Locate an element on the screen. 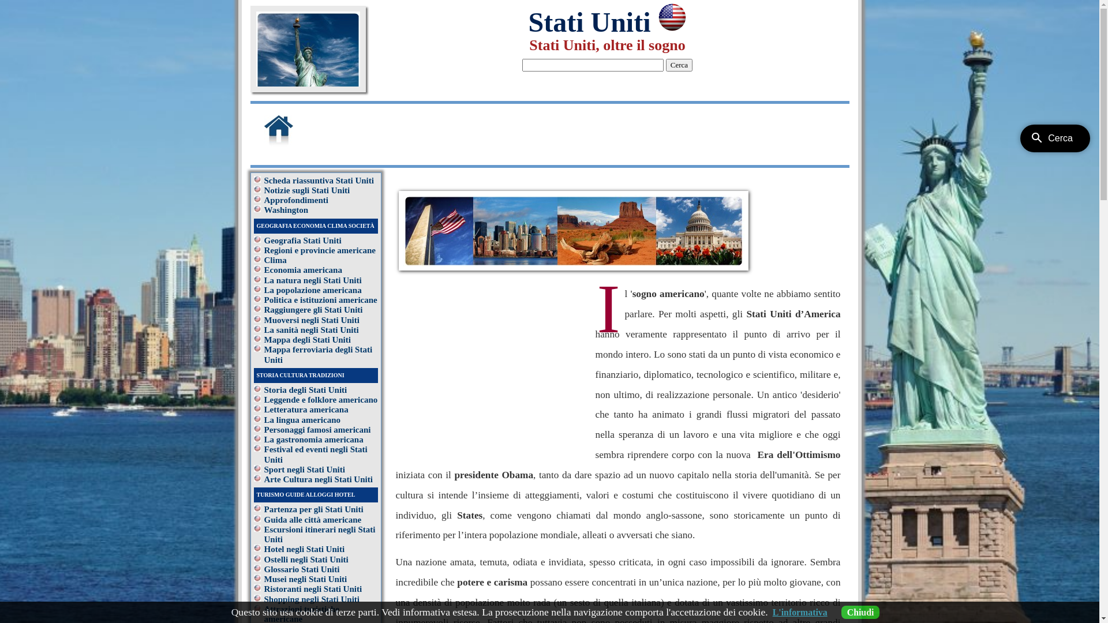  'Ristoranti negli Stati Uniti' is located at coordinates (313, 589).